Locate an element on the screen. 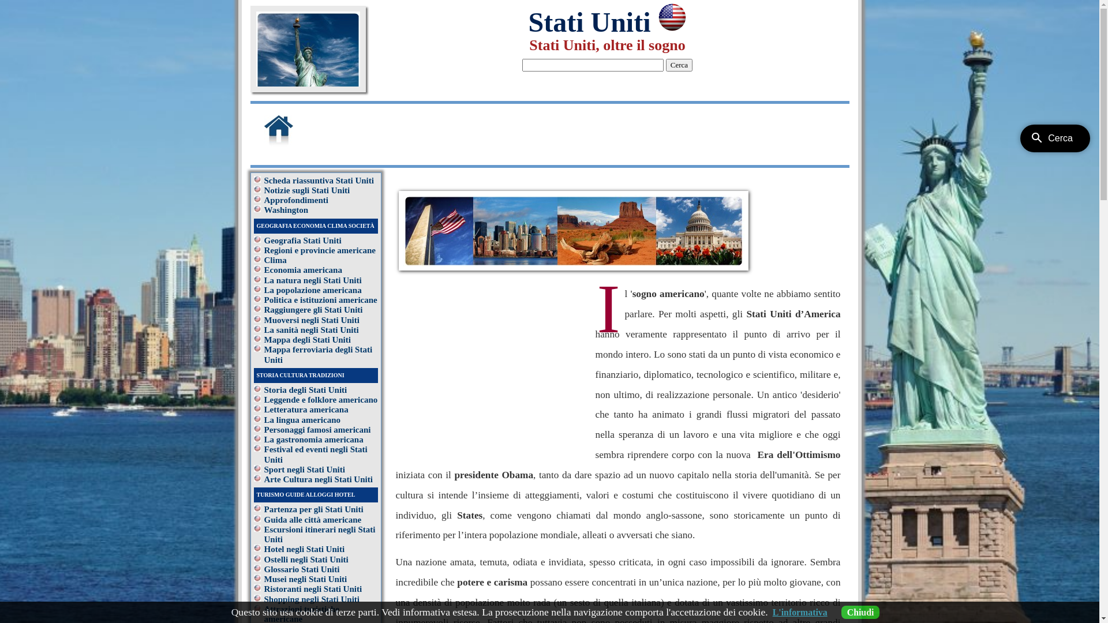  'Ristoranti negli Stati Uniti' is located at coordinates (313, 589).